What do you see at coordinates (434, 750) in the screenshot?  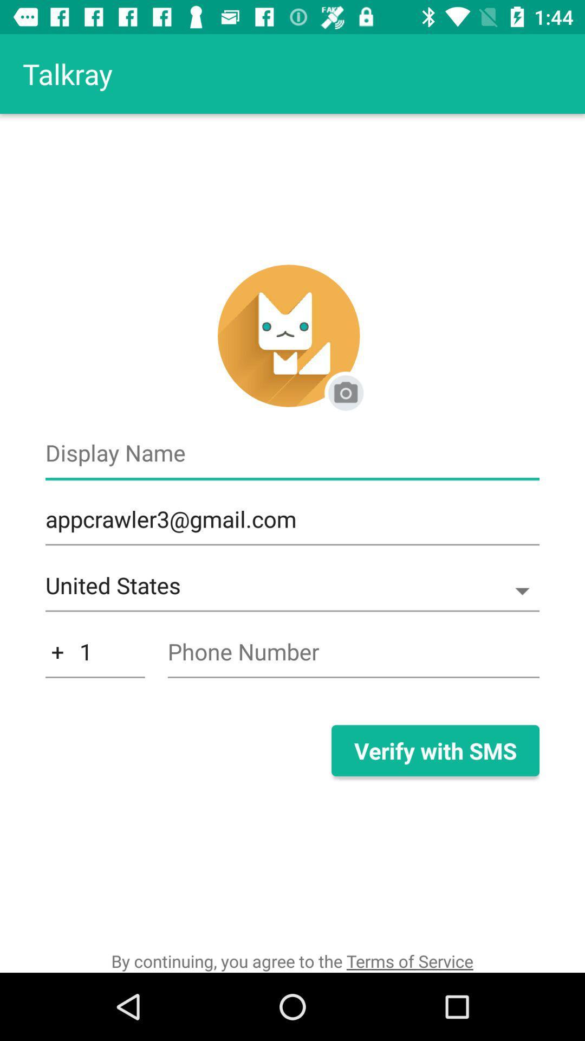 I see `verify with sms icon` at bounding box center [434, 750].